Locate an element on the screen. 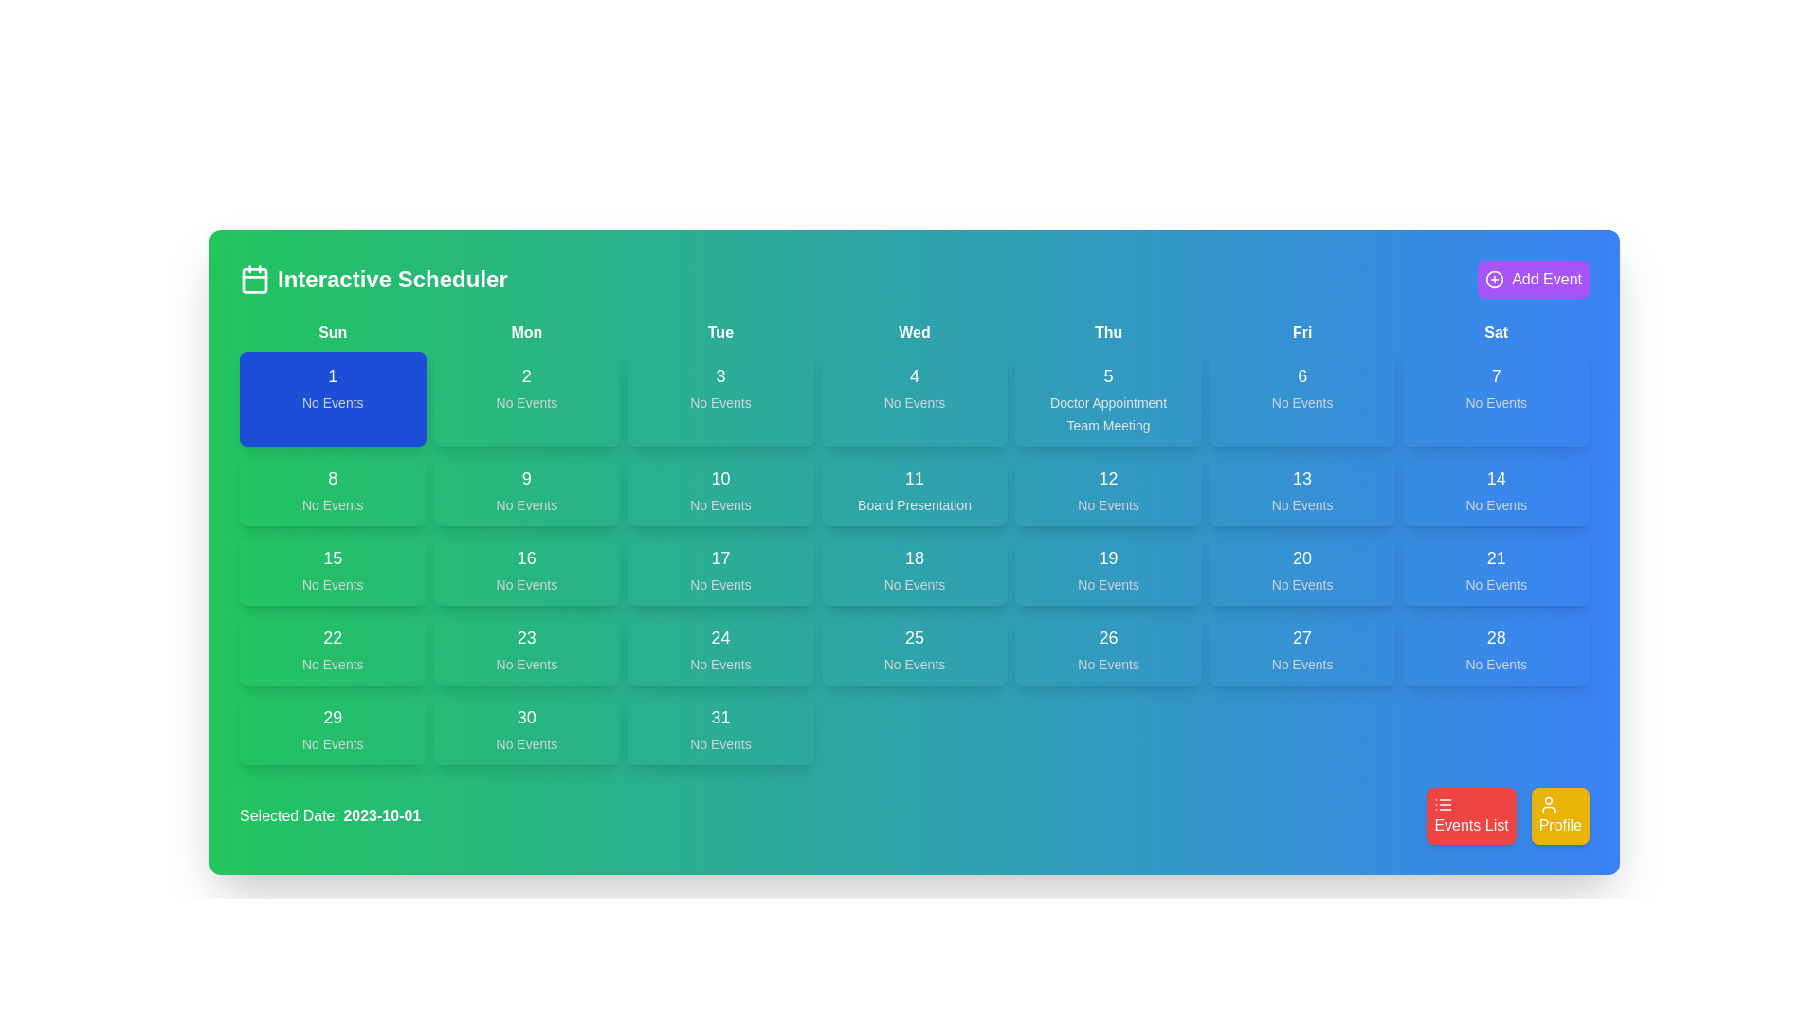  the Informational display box that contains the number '14' and the text 'No Events', located in the seventh column and third row of the calendar grid under the 'Sat' header is located at coordinates (1495, 488).